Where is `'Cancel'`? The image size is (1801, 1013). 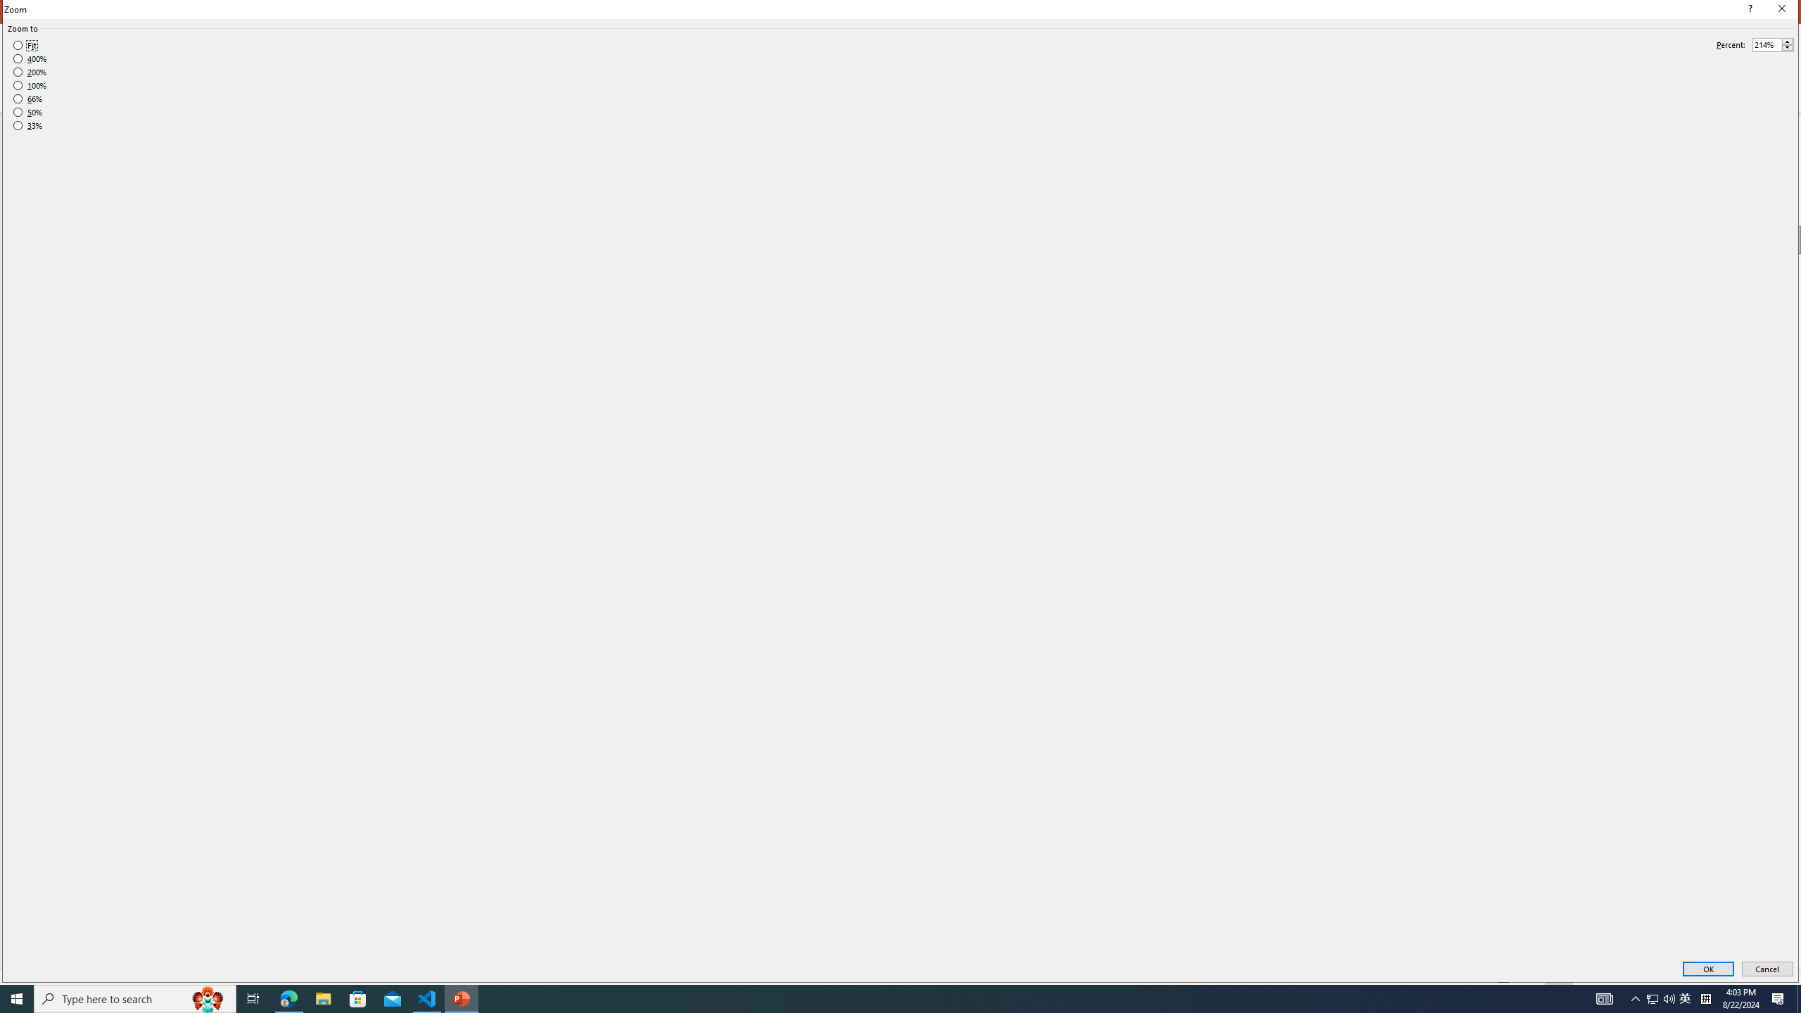 'Cancel' is located at coordinates (1767, 969).